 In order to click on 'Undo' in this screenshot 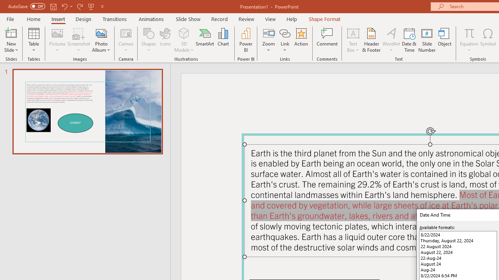, I will do `click(66, 6)`.